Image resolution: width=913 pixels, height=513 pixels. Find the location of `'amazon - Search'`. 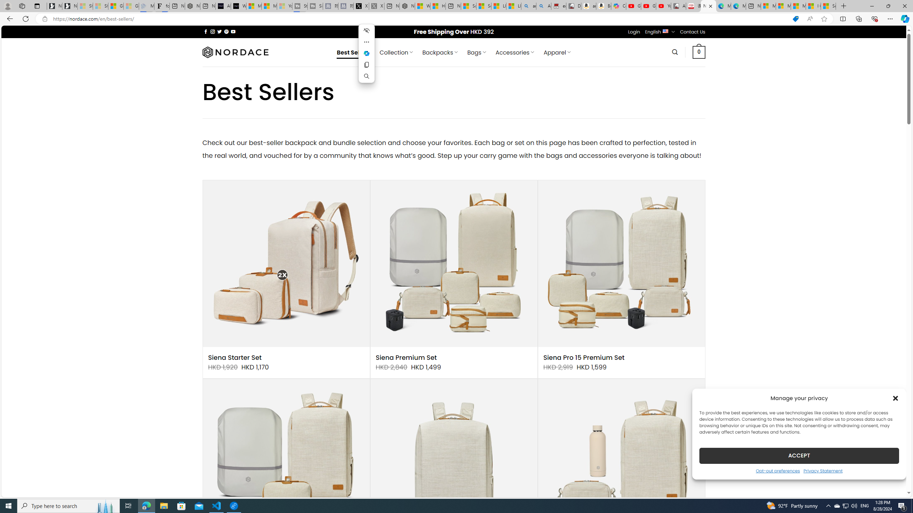

'amazon - Search' is located at coordinates (529, 6).